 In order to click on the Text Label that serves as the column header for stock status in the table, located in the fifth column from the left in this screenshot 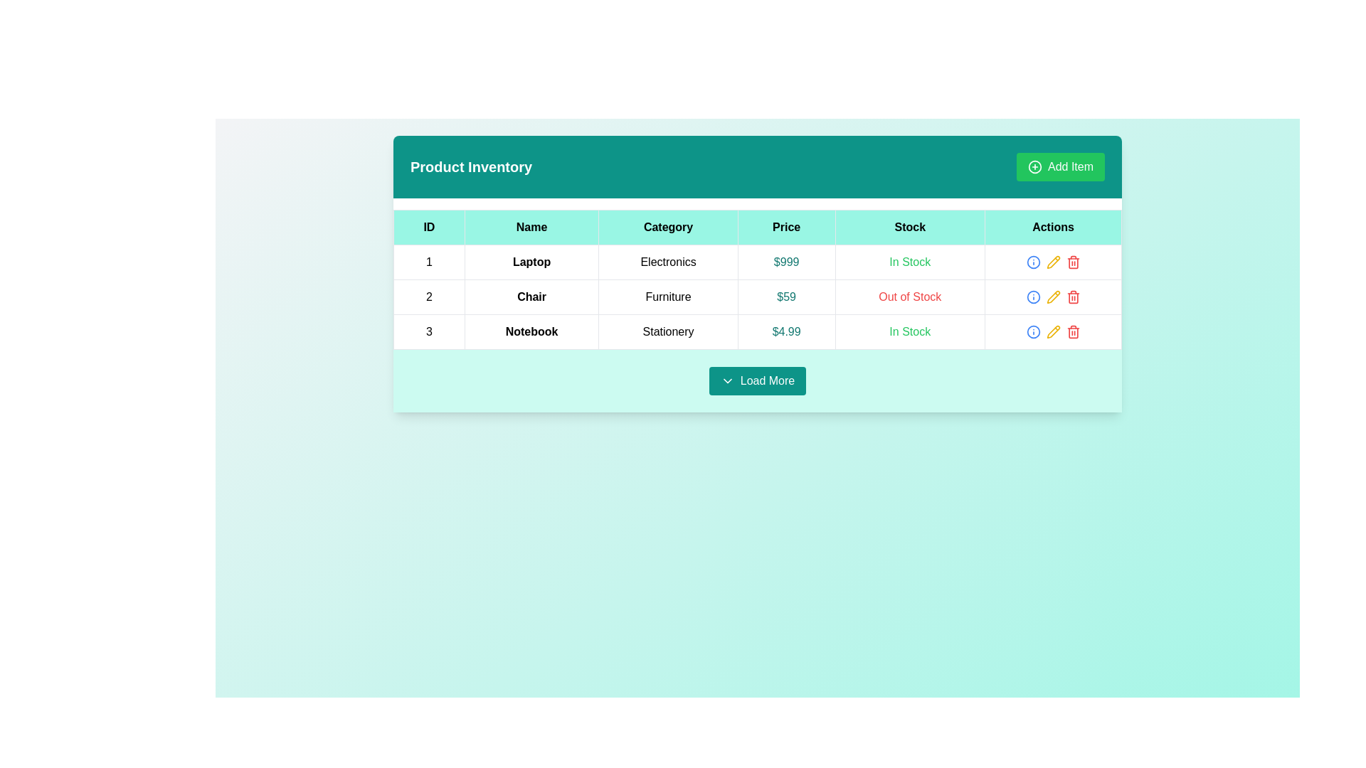, I will do `click(909, 227)`.